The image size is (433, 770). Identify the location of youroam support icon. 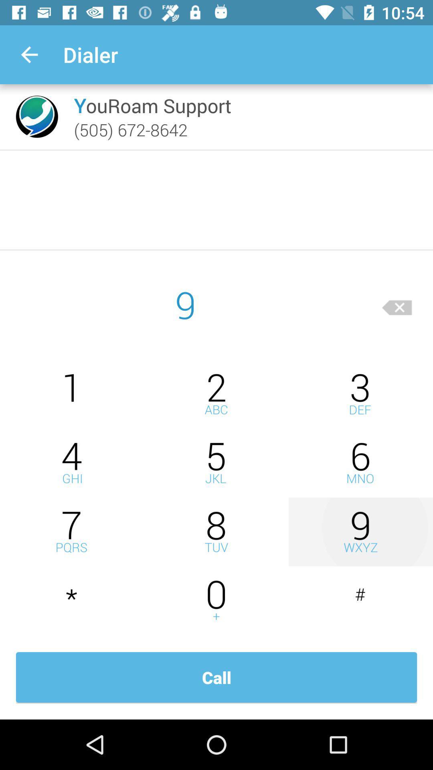
(152, 105).